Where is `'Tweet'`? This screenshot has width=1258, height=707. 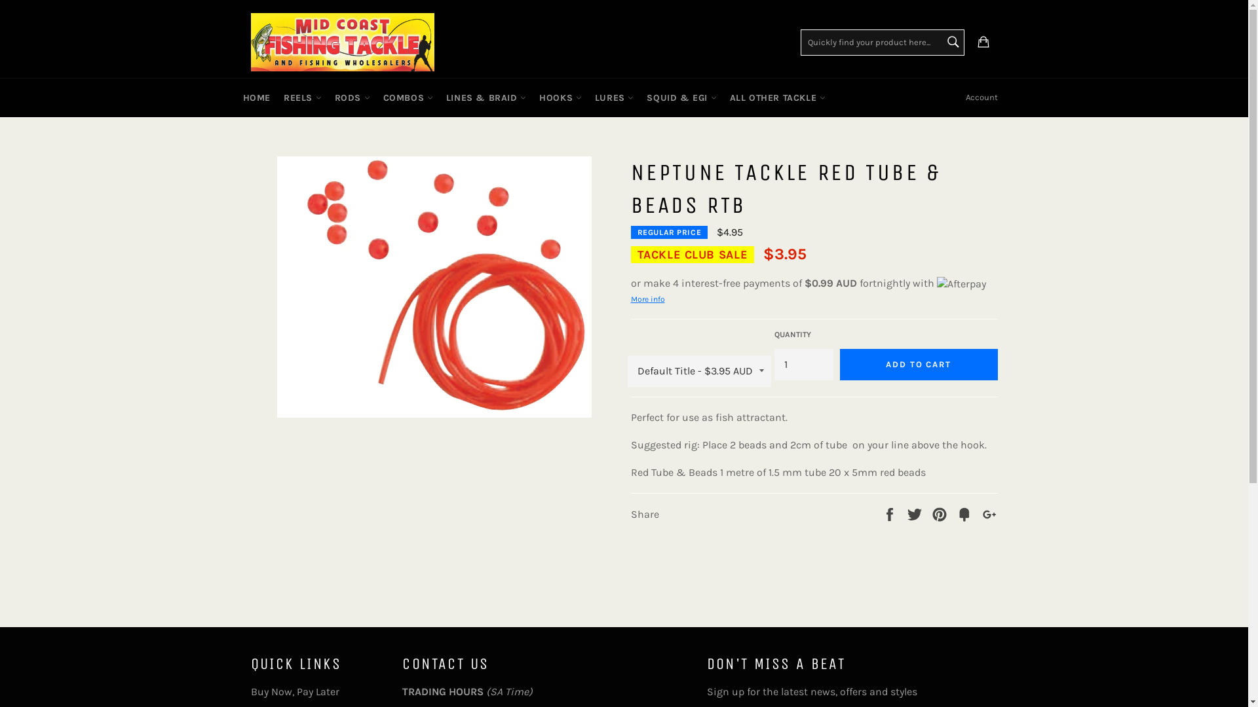 'Tweet' is located at coordinates (915, 513).